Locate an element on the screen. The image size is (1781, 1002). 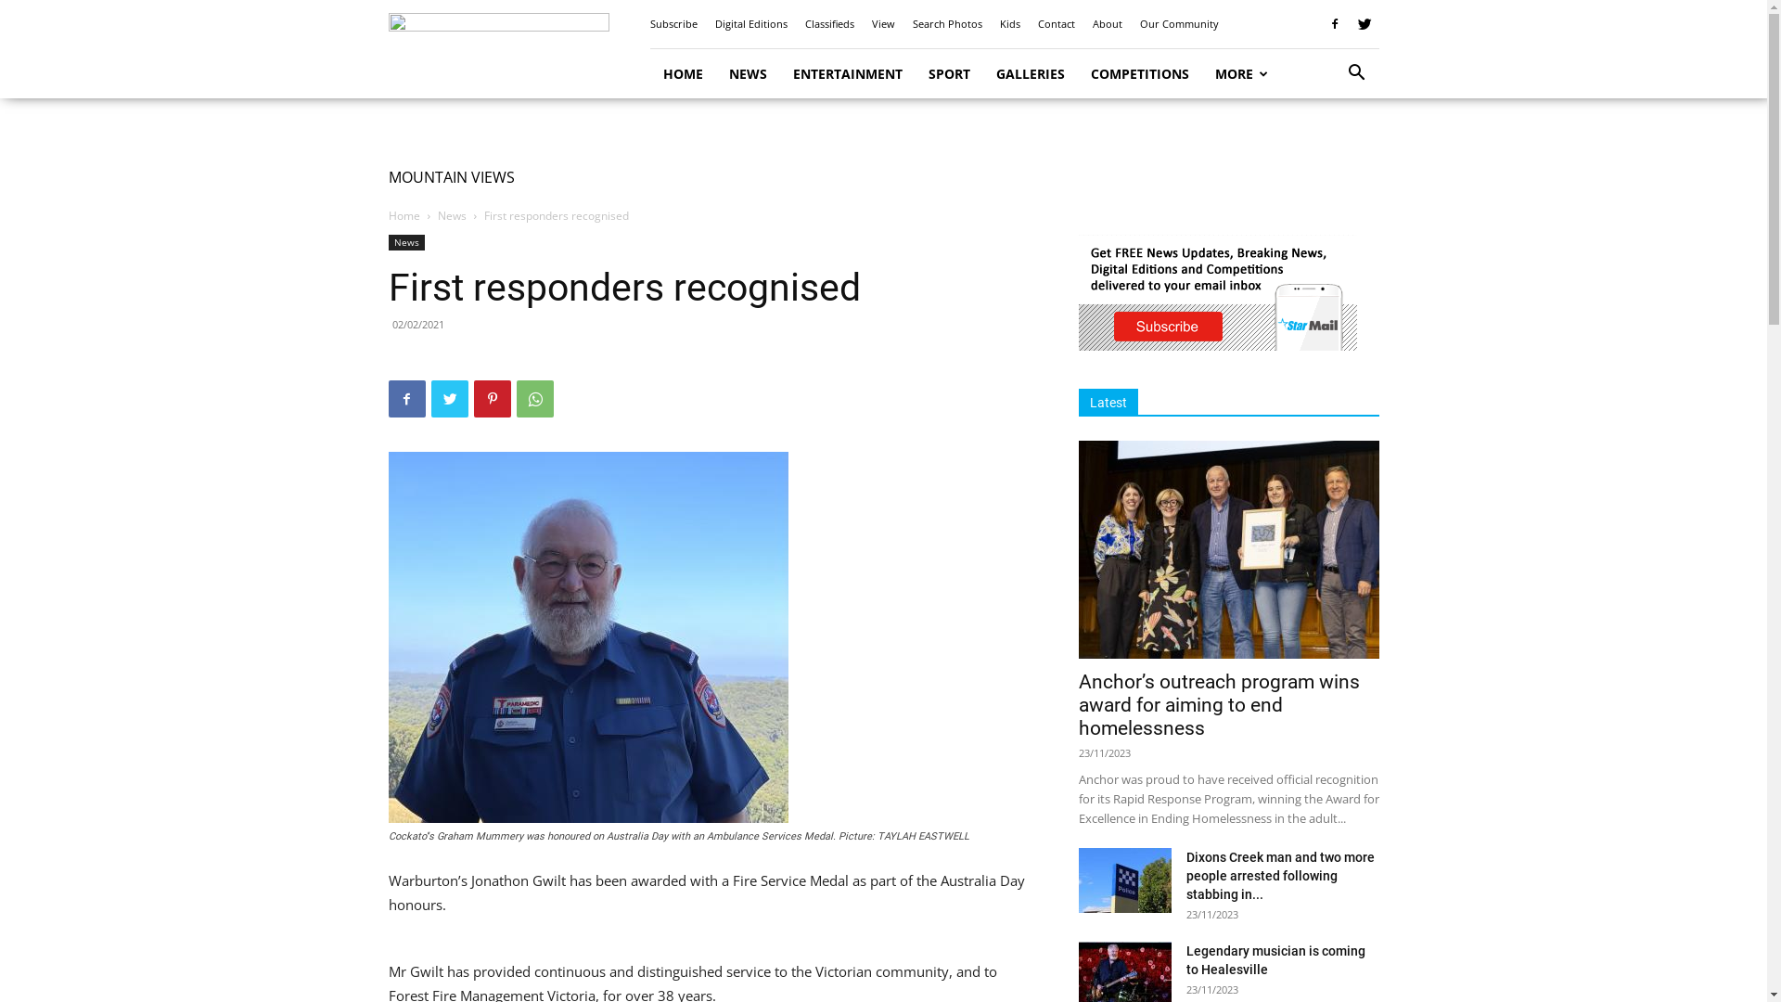
'News' is located at coordinates (452, 214).